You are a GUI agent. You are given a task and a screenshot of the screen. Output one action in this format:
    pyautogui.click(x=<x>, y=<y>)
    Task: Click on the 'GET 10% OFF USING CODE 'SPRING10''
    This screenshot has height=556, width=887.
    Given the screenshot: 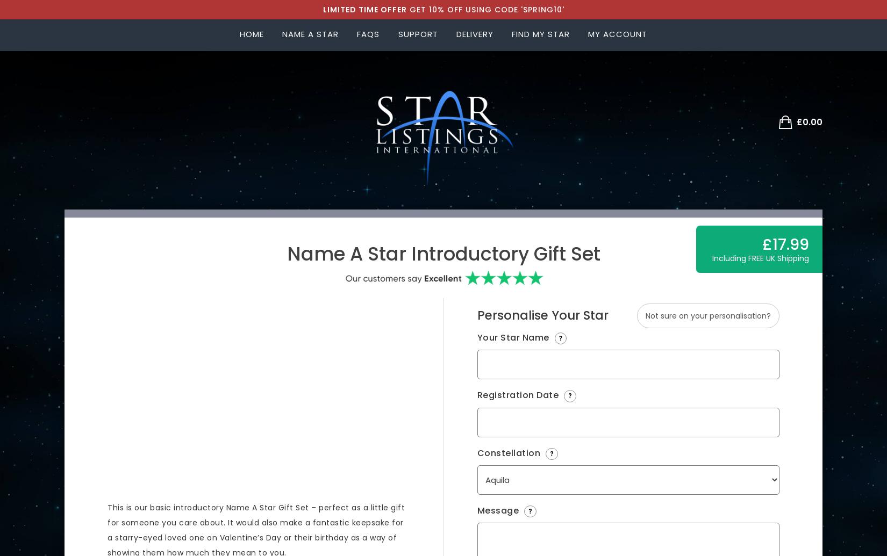 What is the action you would take?
    pyautogui.click(x=485, y=10)
    